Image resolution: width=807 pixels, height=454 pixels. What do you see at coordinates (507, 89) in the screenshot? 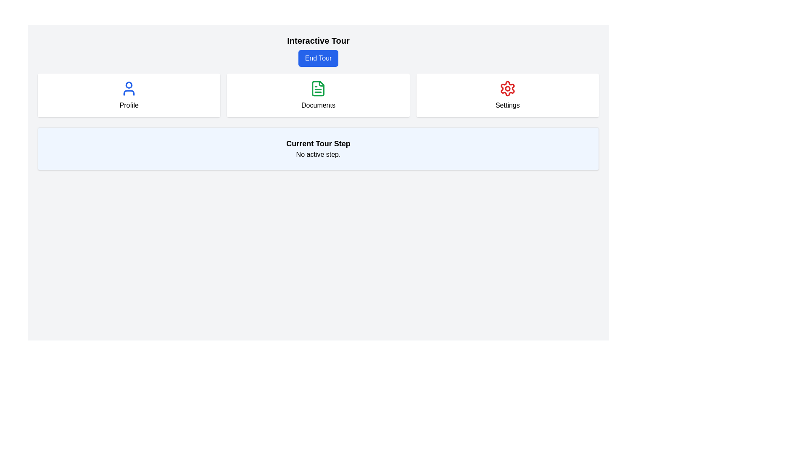
I see `the 'Settings' icon, which is the primary visual component of the card located at the rightmost section among the three cards in the top row` at bounding box center [507, 89].